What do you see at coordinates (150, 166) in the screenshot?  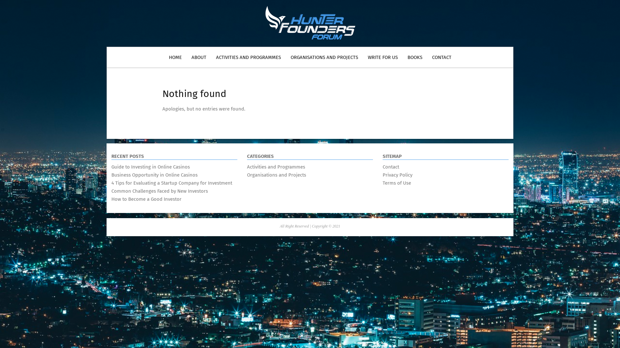 I see `'Guide to Investing in Online Casinos'` at bounding box center [150, 166].